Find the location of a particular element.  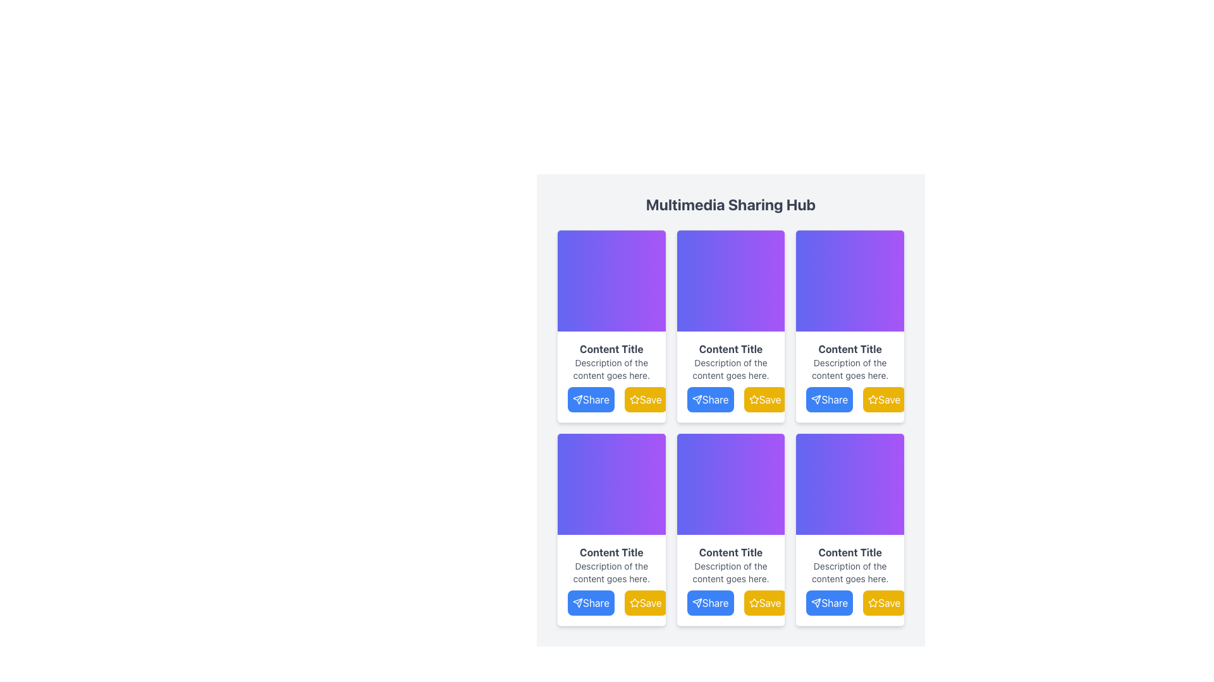

the decorative gradient banner located at the top of the fourth card in the grid layout is located at coordinates (611, 484).